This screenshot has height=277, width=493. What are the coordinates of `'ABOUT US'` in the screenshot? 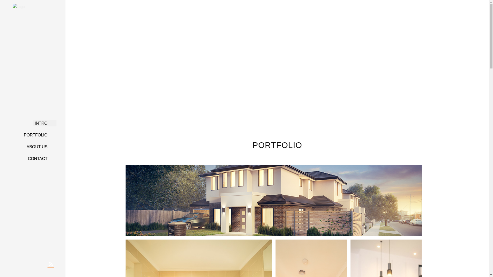 It's located at (39, 147).